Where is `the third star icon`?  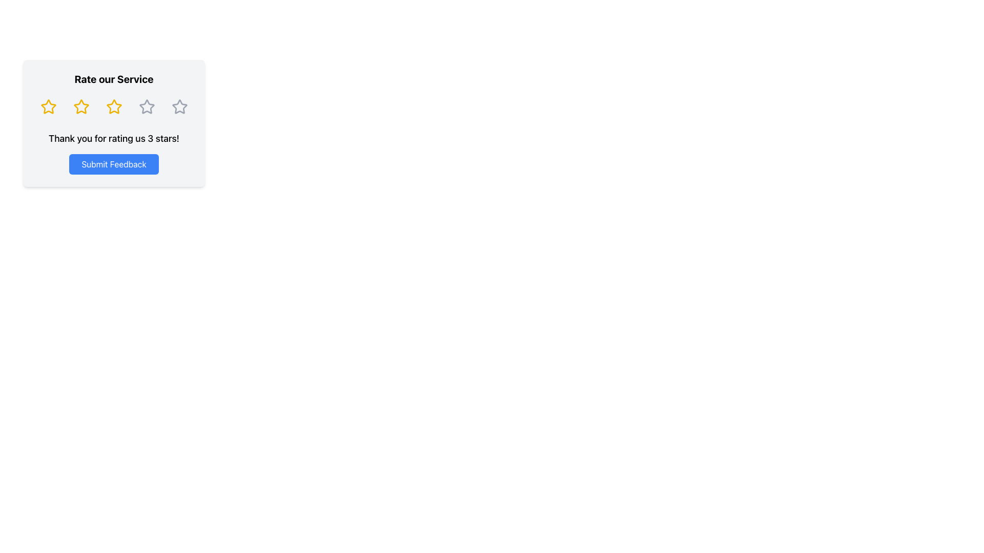 the third star icon is located at coordinates (146, 107).